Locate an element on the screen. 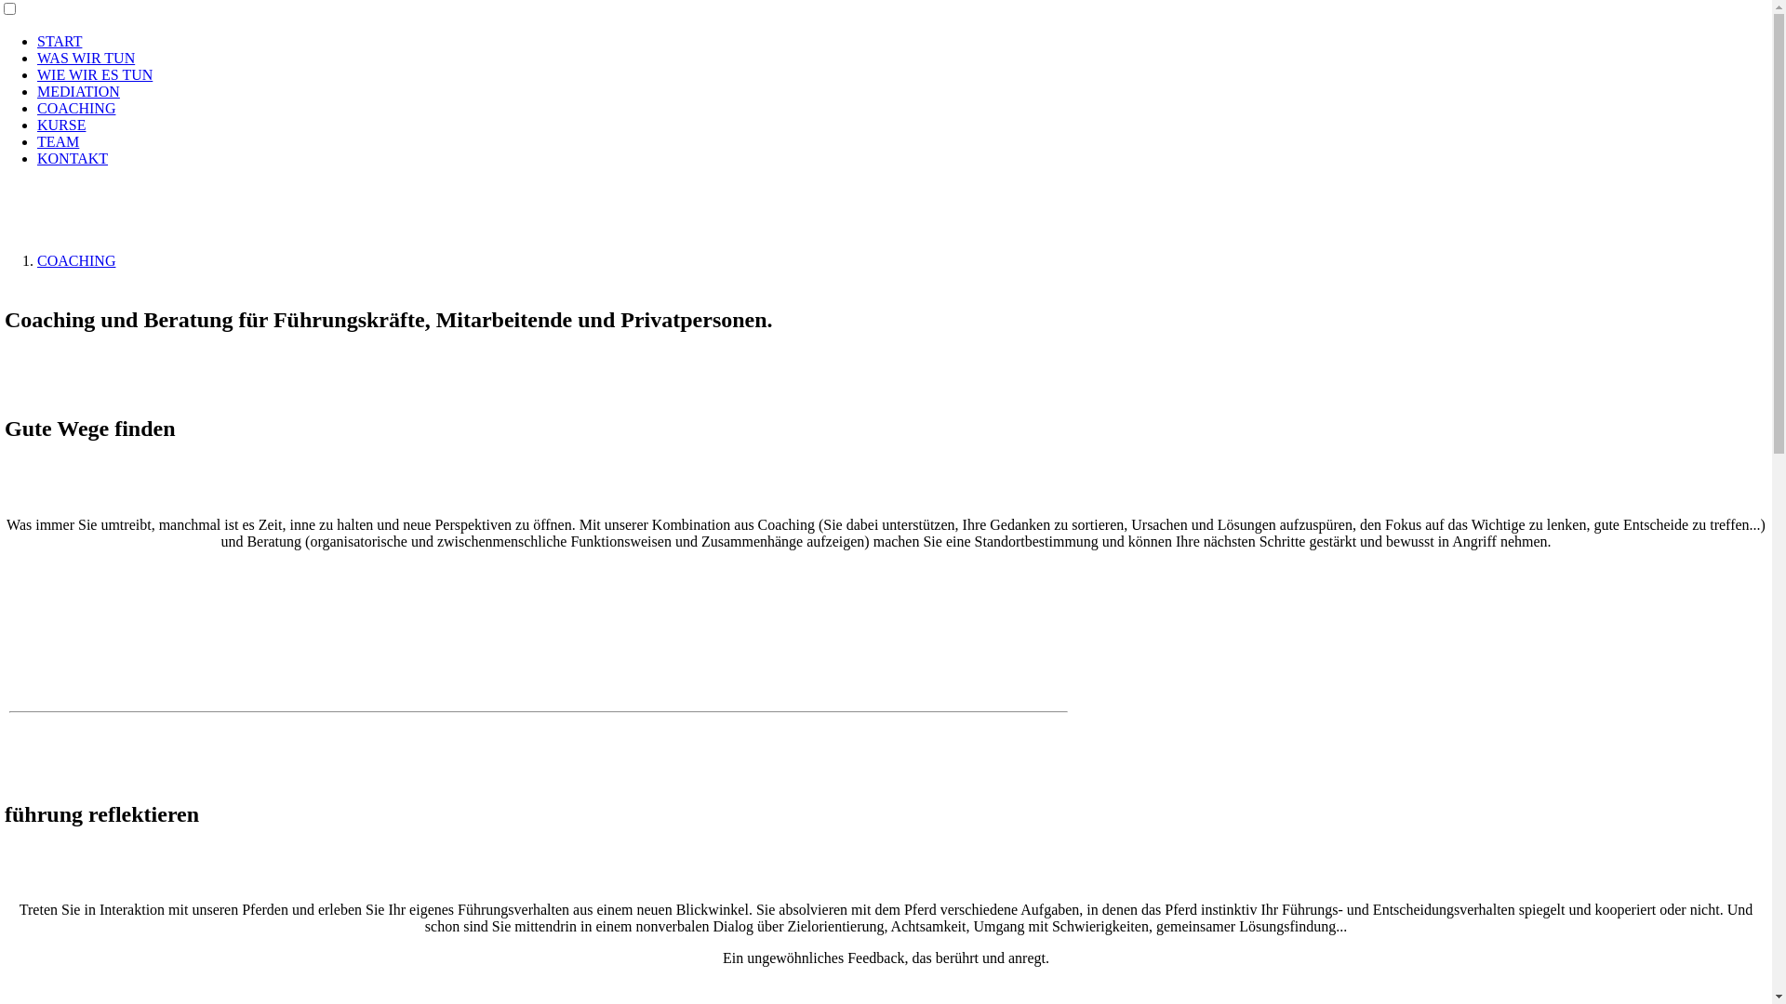 Image resolution: width=1786 pixels, height=1004 pixels. 'START' is located at coordinates (59, 41).